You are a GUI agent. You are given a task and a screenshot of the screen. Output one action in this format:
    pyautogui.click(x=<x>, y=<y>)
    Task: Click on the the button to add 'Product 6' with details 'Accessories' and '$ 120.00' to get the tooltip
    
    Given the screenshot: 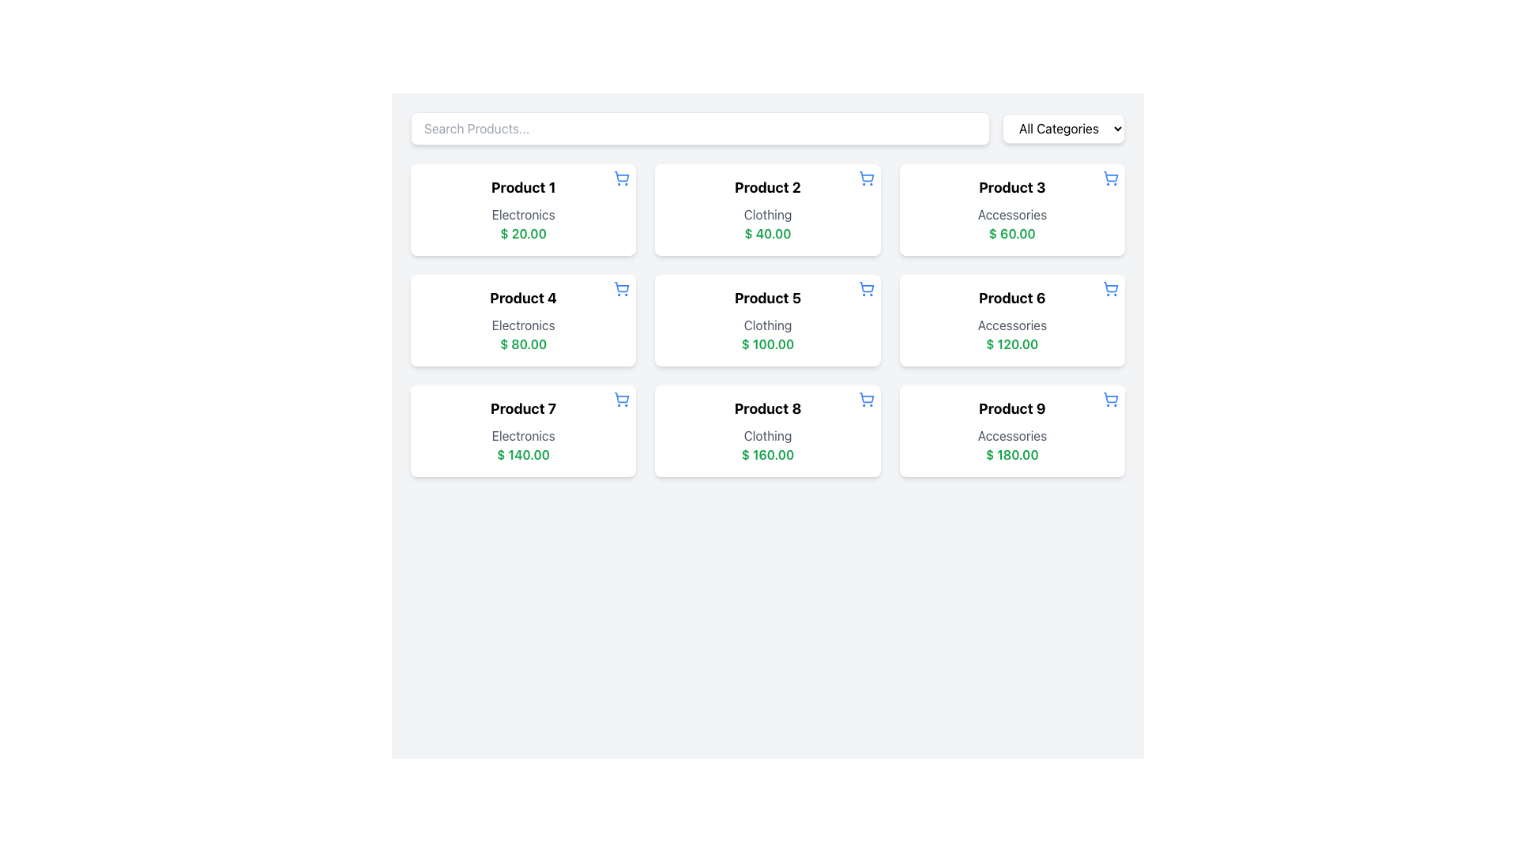 What is the action you would take?
    pyautogui.click(x=1110, y=289)
    